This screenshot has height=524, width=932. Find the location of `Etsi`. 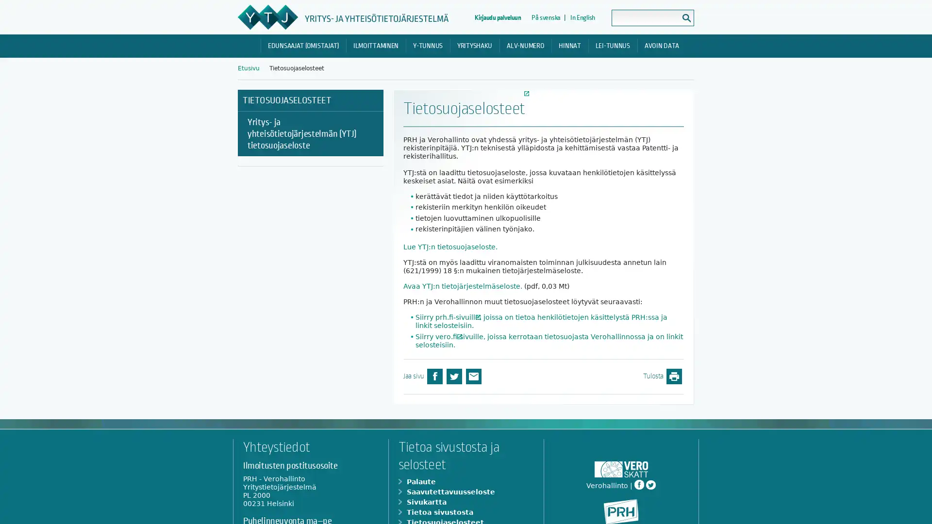

Etsi is located at coordinates (686, 18).